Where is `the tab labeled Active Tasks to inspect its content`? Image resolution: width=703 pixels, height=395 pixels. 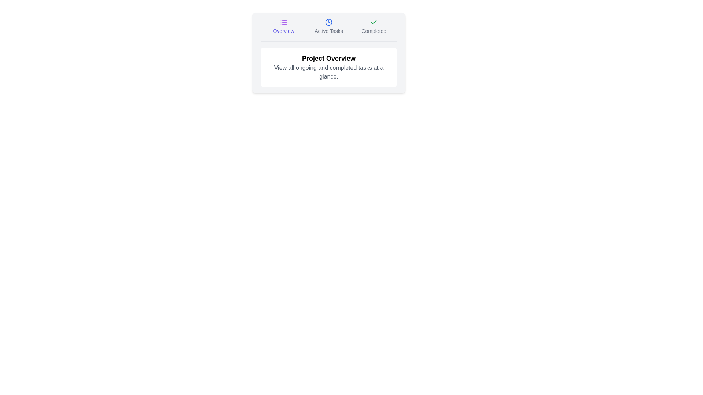 the tab labeled Active Tasks to inspect its content is located at coordinates (328, 28).